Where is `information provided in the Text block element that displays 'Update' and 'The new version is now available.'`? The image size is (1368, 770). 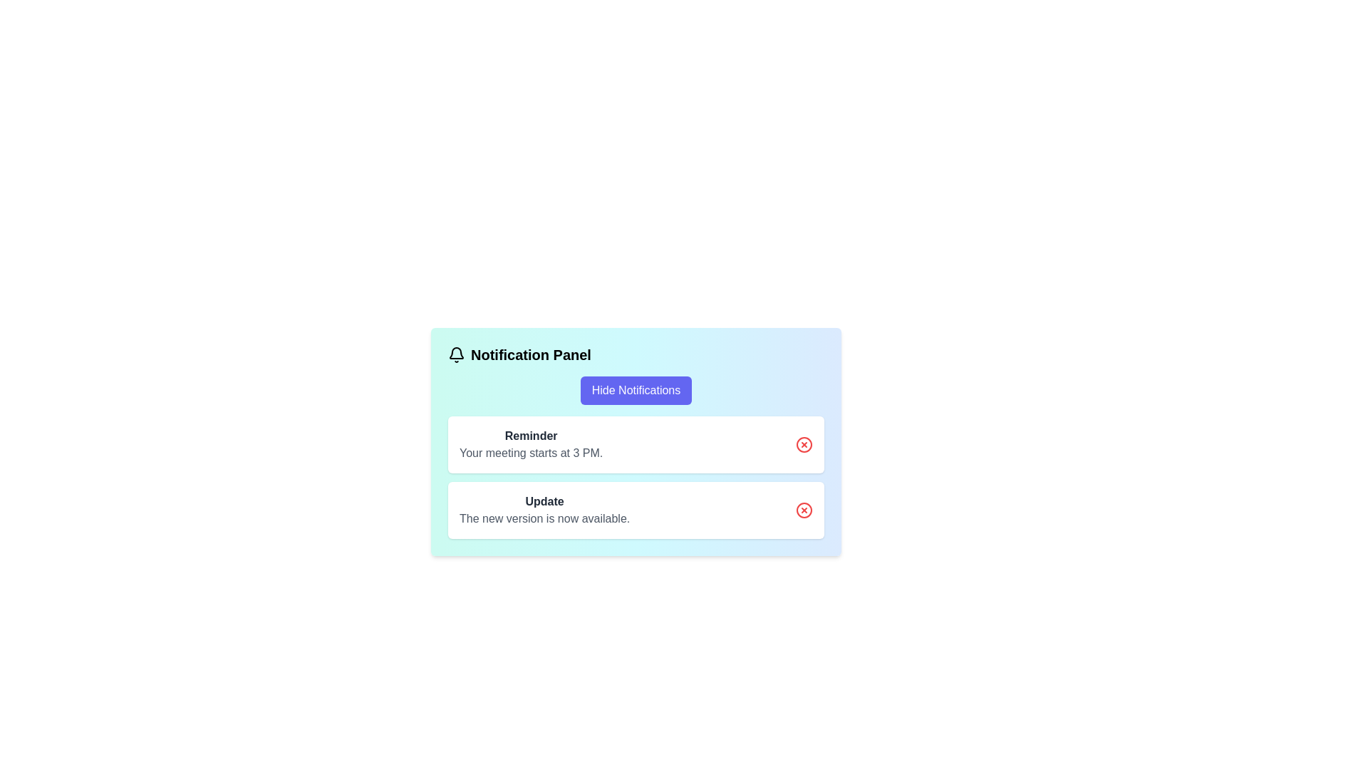 information provided in the Text block element that displays 'Update' and 'The new version is now available.' is located at coordinates (544, 510).